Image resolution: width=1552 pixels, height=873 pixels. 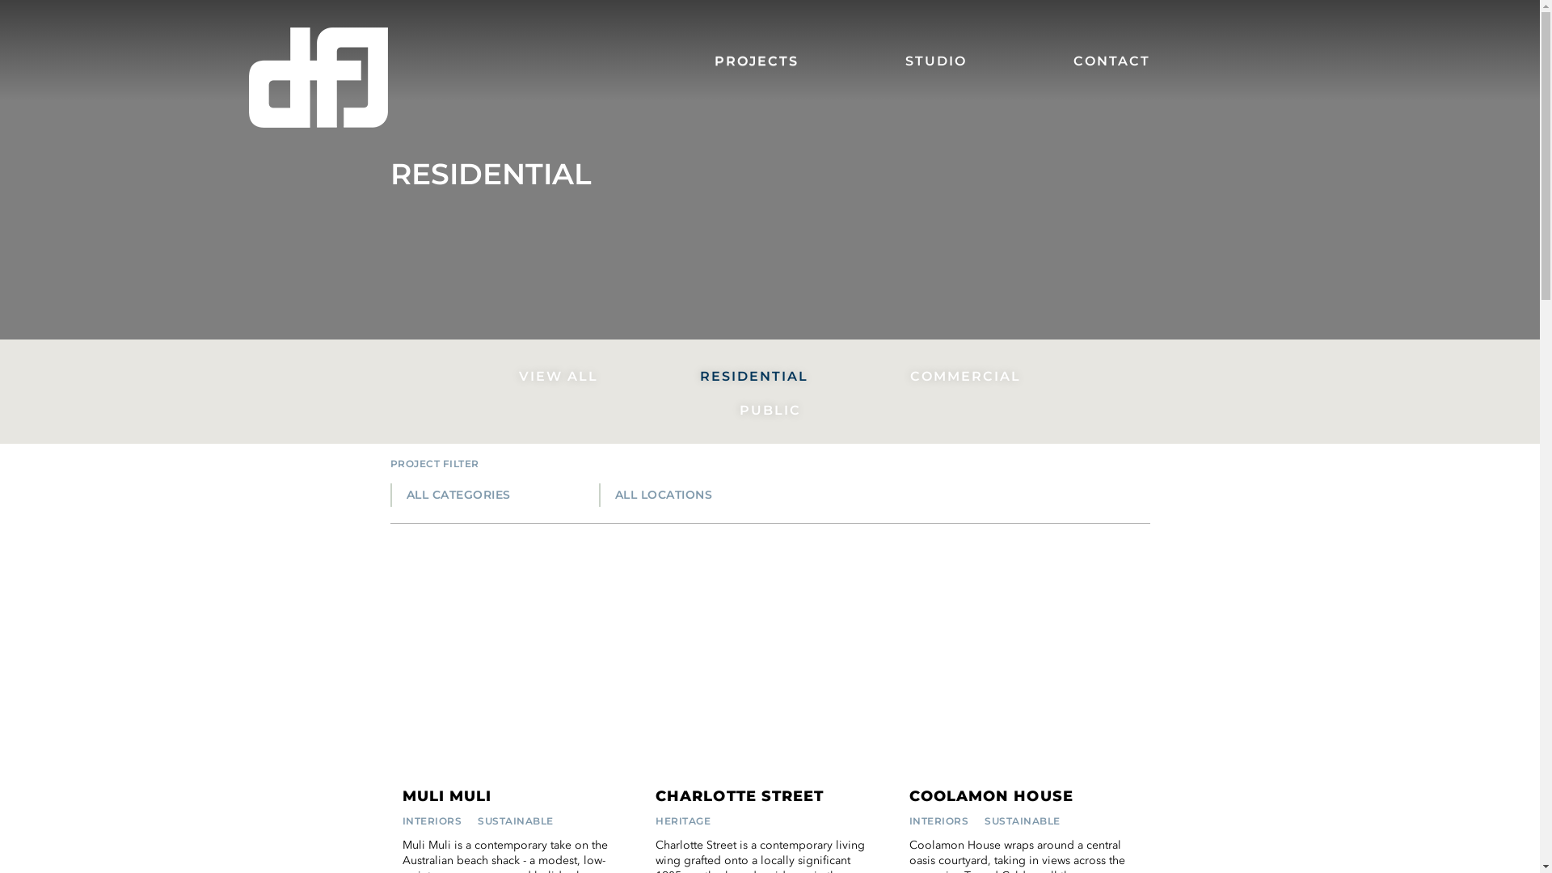 What do you see at coordinates (403, 795) in the screenshot?
I see `'MULI MULI'` at bounding box center [403, 795].